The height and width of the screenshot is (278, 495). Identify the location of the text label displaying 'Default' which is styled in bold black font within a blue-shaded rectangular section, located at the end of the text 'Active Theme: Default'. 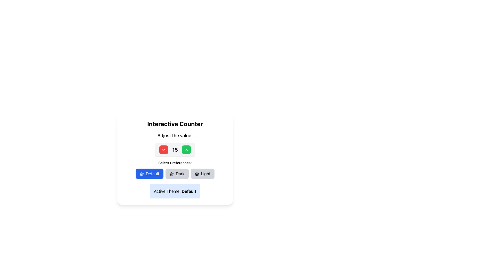
(188, 191).